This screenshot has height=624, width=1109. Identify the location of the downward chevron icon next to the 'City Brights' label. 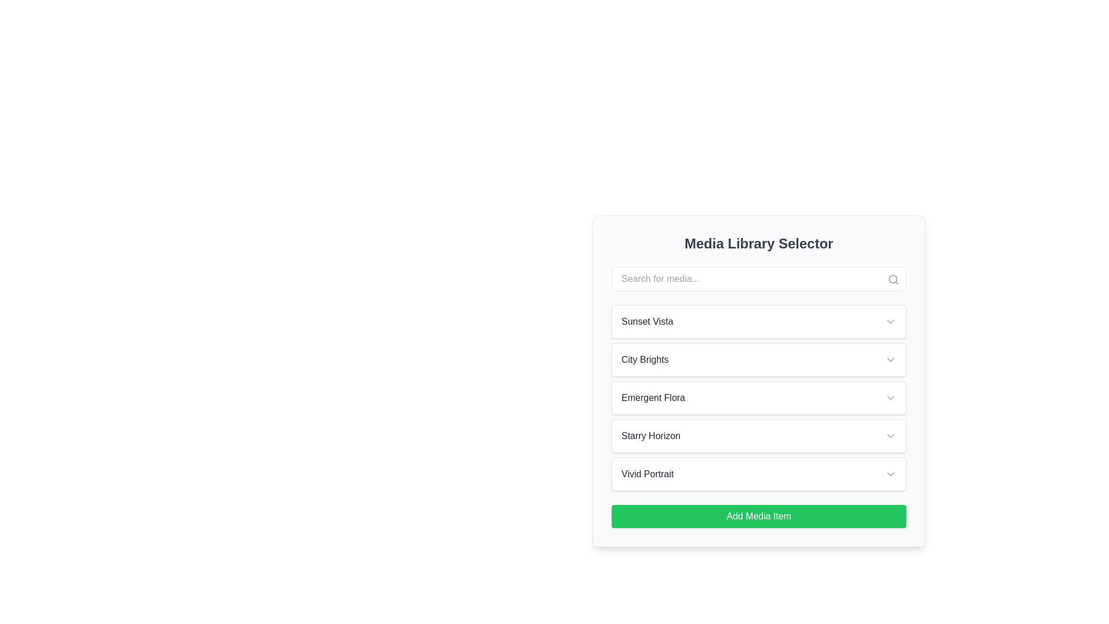
(890, 359).